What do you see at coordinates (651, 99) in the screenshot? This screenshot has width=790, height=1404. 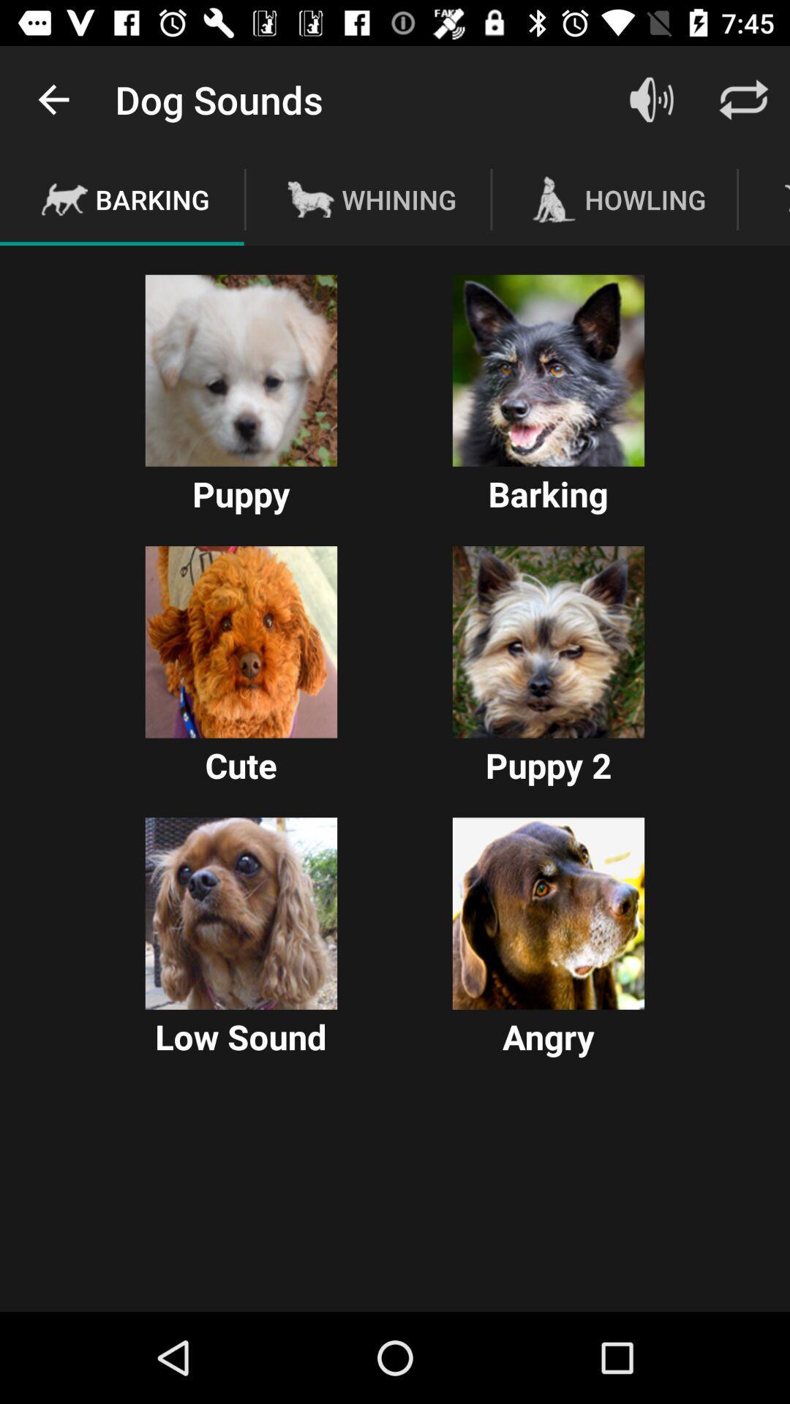 I see `sound option` at bounding box center [651, 99].